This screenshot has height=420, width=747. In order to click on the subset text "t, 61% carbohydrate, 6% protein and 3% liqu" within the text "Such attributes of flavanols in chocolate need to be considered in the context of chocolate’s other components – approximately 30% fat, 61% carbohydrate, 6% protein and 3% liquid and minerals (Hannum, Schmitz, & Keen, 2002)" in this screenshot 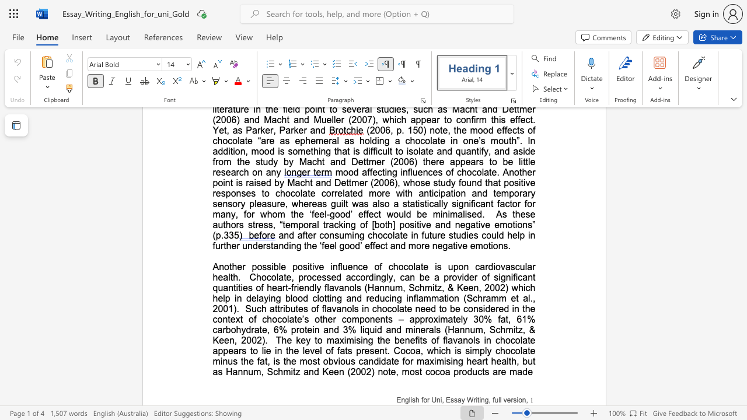, I will do `click(505, 319)`.